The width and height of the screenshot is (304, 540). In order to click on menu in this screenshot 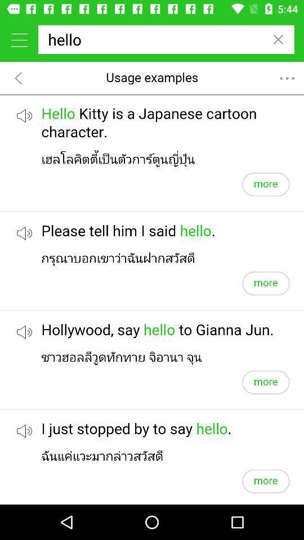, I will do `click(19, 39)`.